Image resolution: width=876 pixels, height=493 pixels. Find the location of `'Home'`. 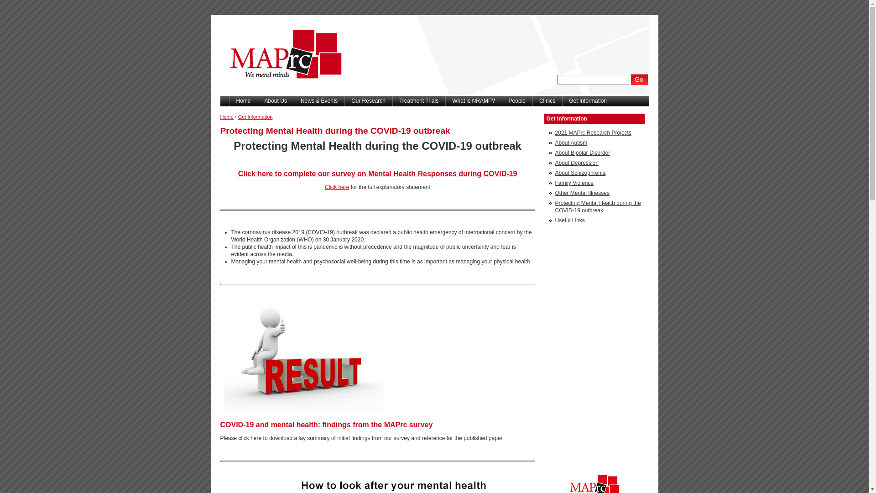

'Home' is located at coordinates (243, 101).